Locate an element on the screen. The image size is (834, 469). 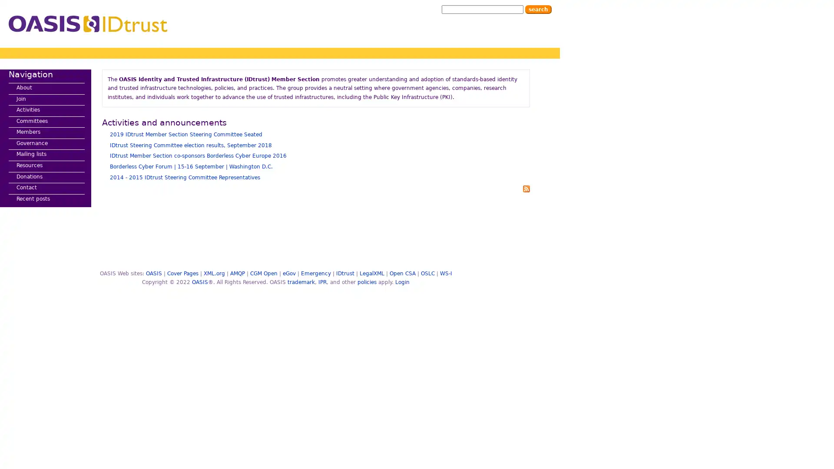
Search is located at coordinates (538, 10).